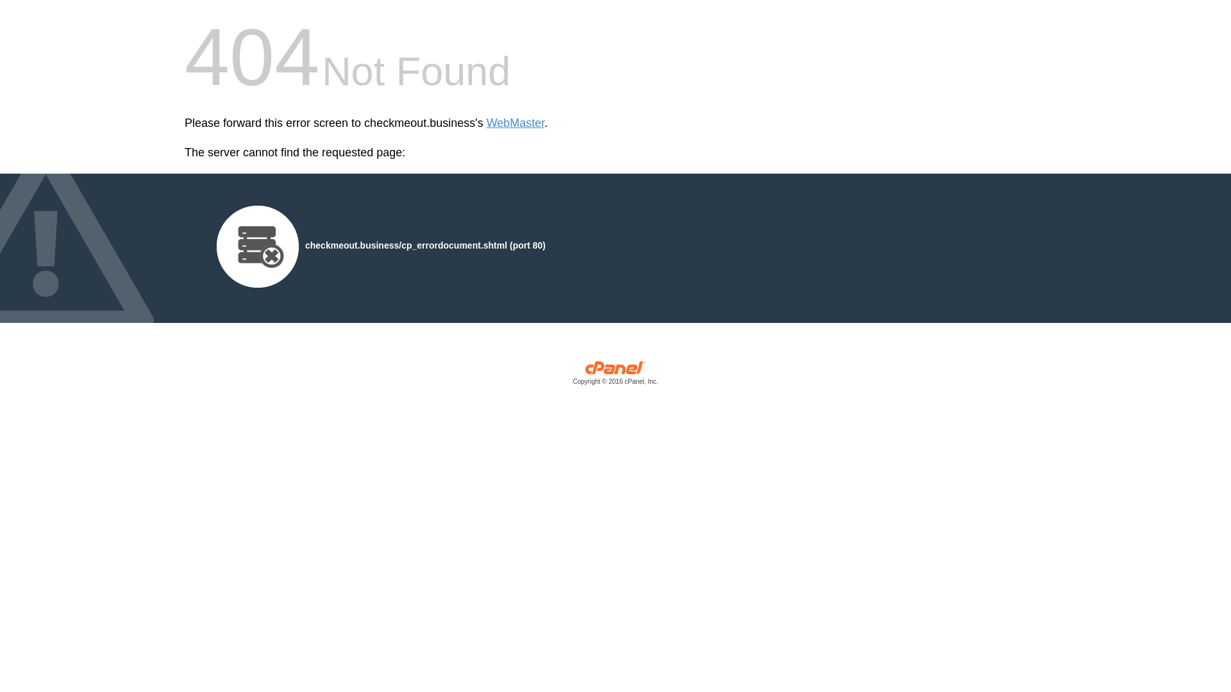 The width and height of the screenshot is (1231, 692). What do you see at coordinates (515, 123) in the screenshot?
I see `'WebMaster'` at bounding box center [515, 123].